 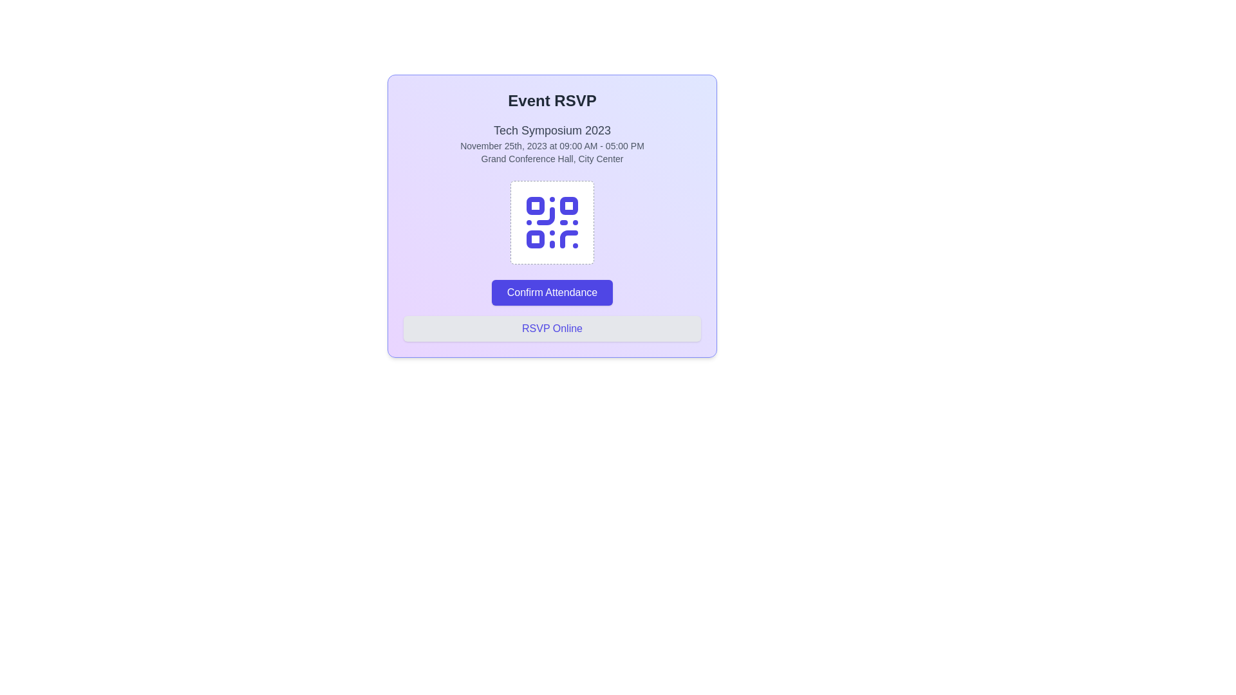 What do you see at coordinates (552, 293) in the screenshot?
I see `the confirmation button for the highlighted event located within the RSVP section, positioned below the QR code and above the 'RSVP Online' button` at bounding box center [552, 293].